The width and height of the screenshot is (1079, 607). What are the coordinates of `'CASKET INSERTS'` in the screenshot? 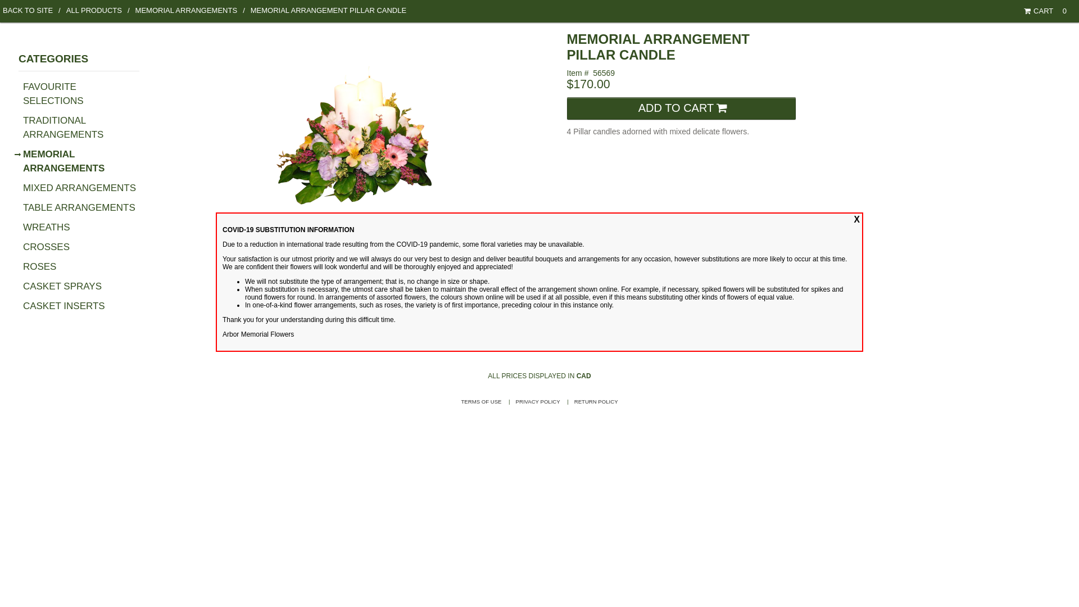 It's located at (64, 306).